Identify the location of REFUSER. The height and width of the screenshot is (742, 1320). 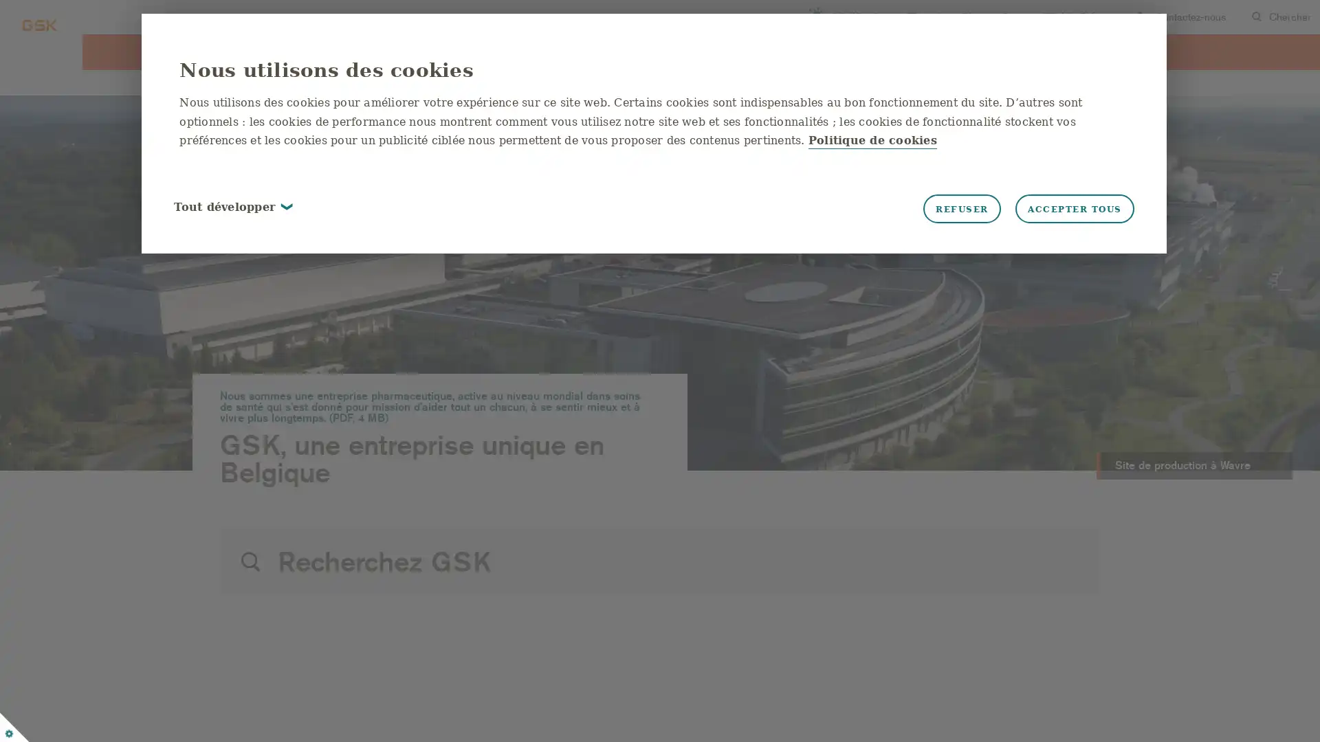
(940, 210).